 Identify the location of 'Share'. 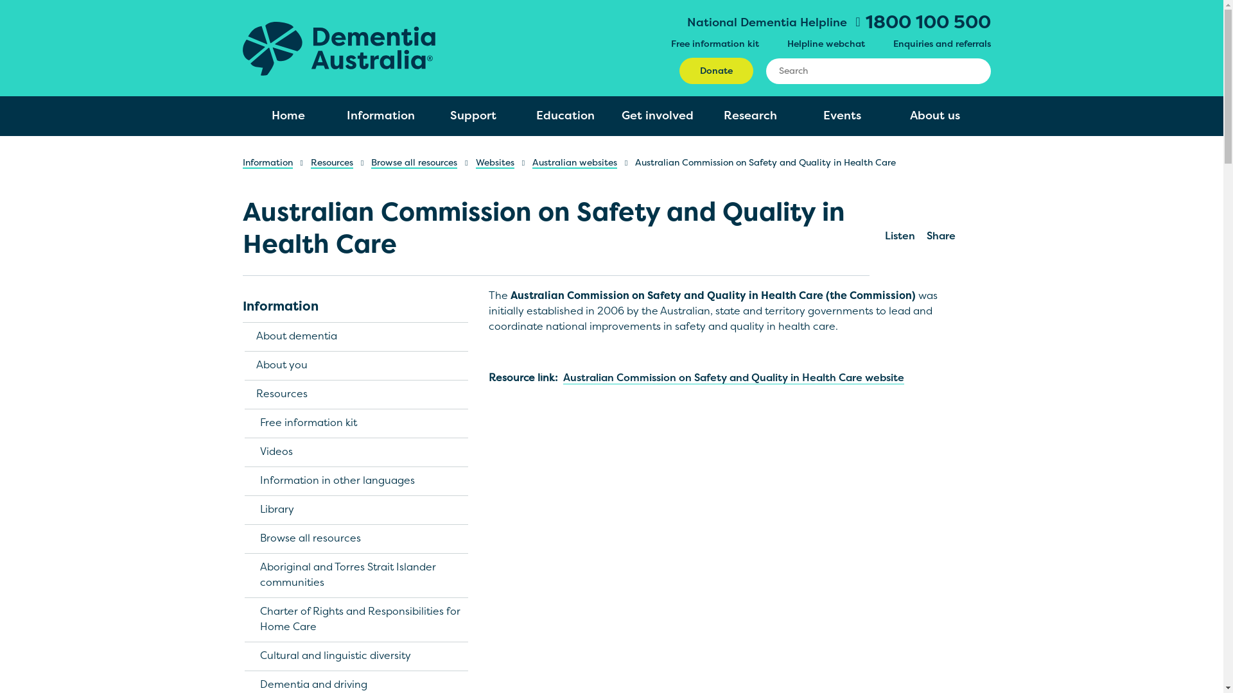
(920, 212).